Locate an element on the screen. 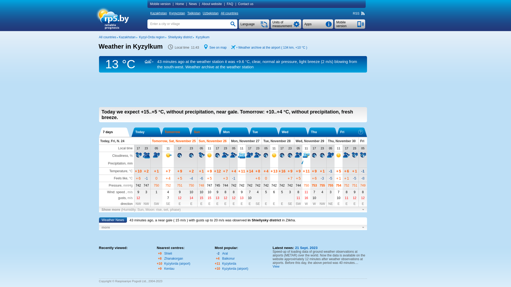 This screenshot has width=511, height=287. 'Aral' is located at coordinates (225, 253).